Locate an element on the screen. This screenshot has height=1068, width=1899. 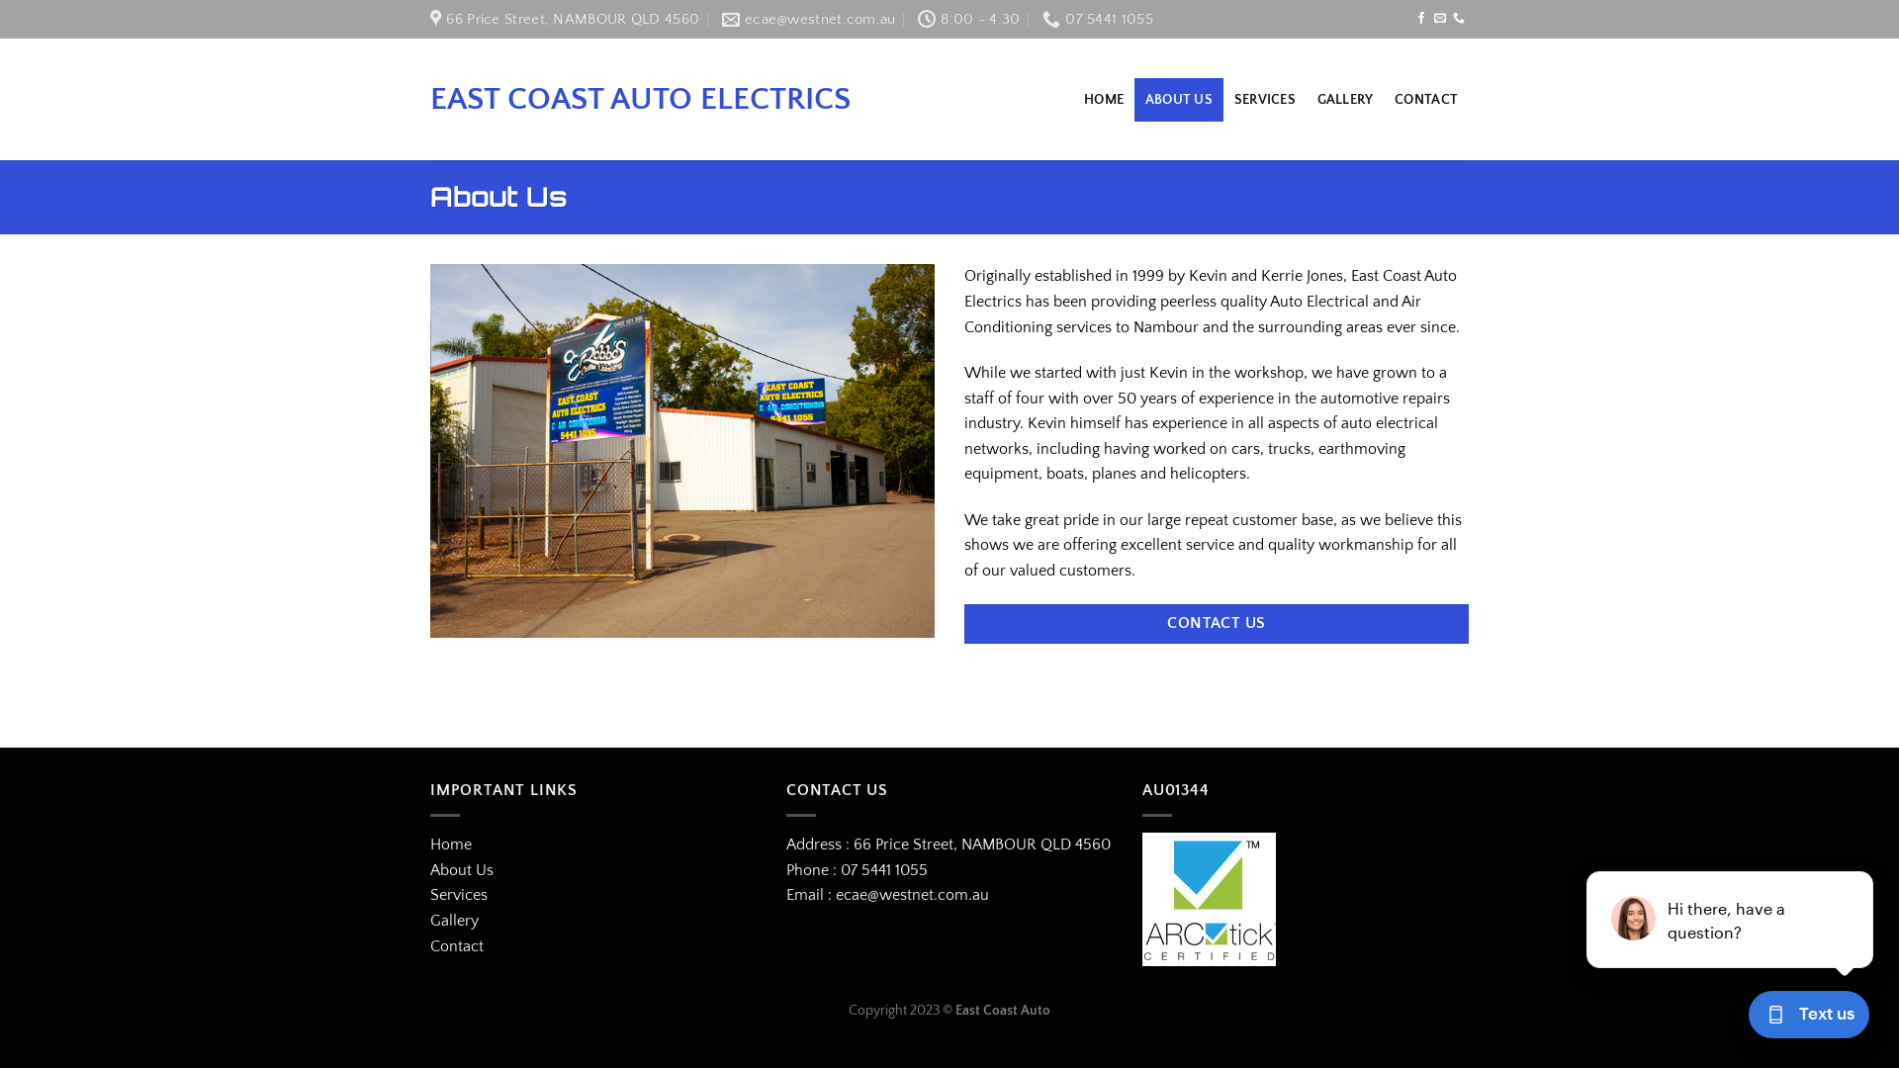
'ABOUT US' is located at coordinates (1178, 99).